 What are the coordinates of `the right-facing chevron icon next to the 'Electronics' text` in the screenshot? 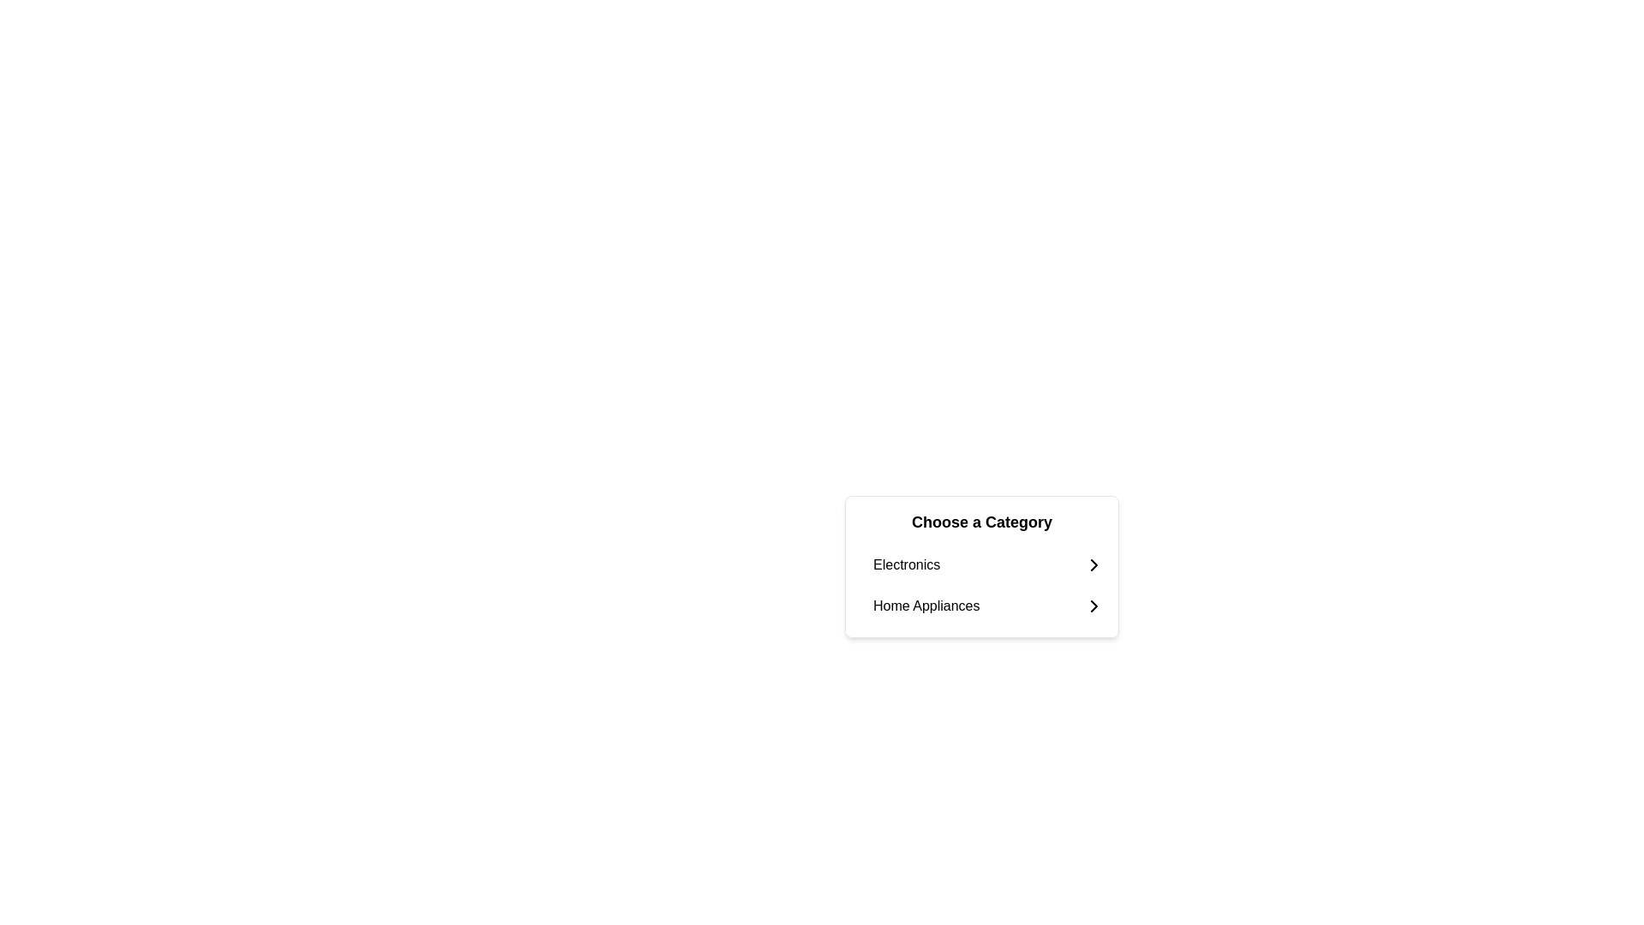 It's located at (1093, 564).